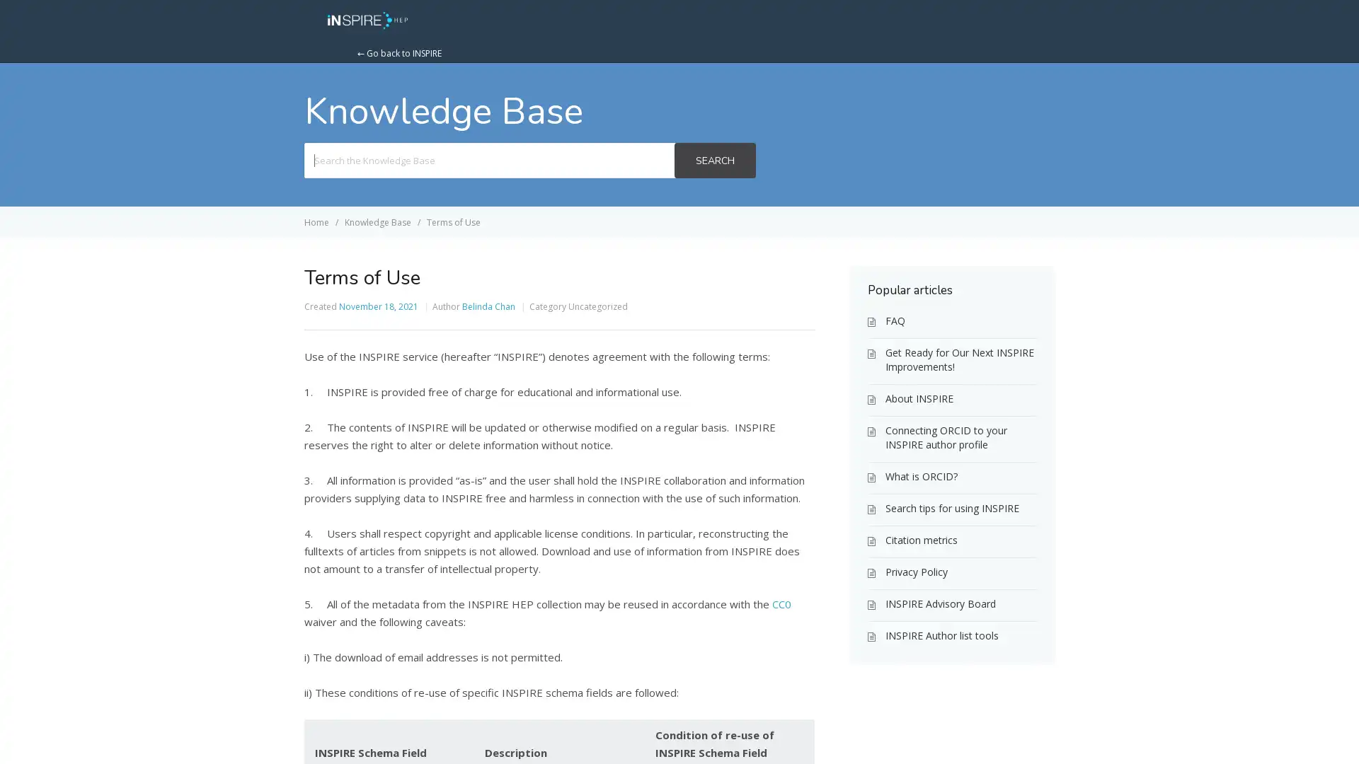 The width and height of the screenshot is (1359, 764). I want to click on SEARCH, so click(714, 160).